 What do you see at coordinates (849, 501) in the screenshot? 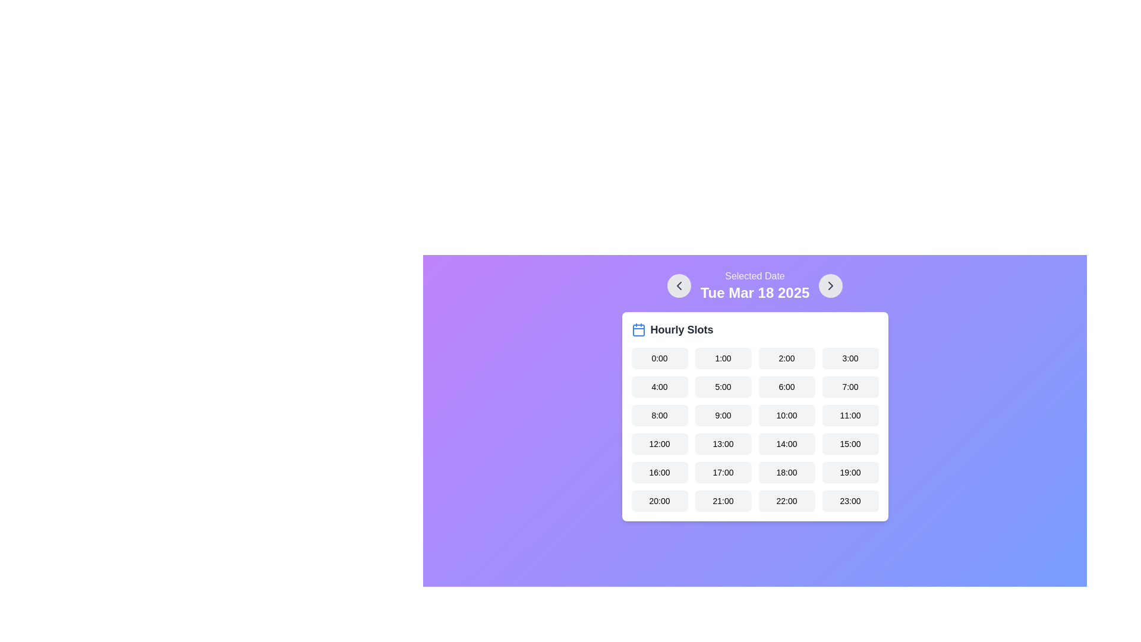
I see `the button labeled '23:00' which is a rectangular button with rounded corners, located at the bottom right corner of the grid in the modal dialog` at bounding box center [849, 501].